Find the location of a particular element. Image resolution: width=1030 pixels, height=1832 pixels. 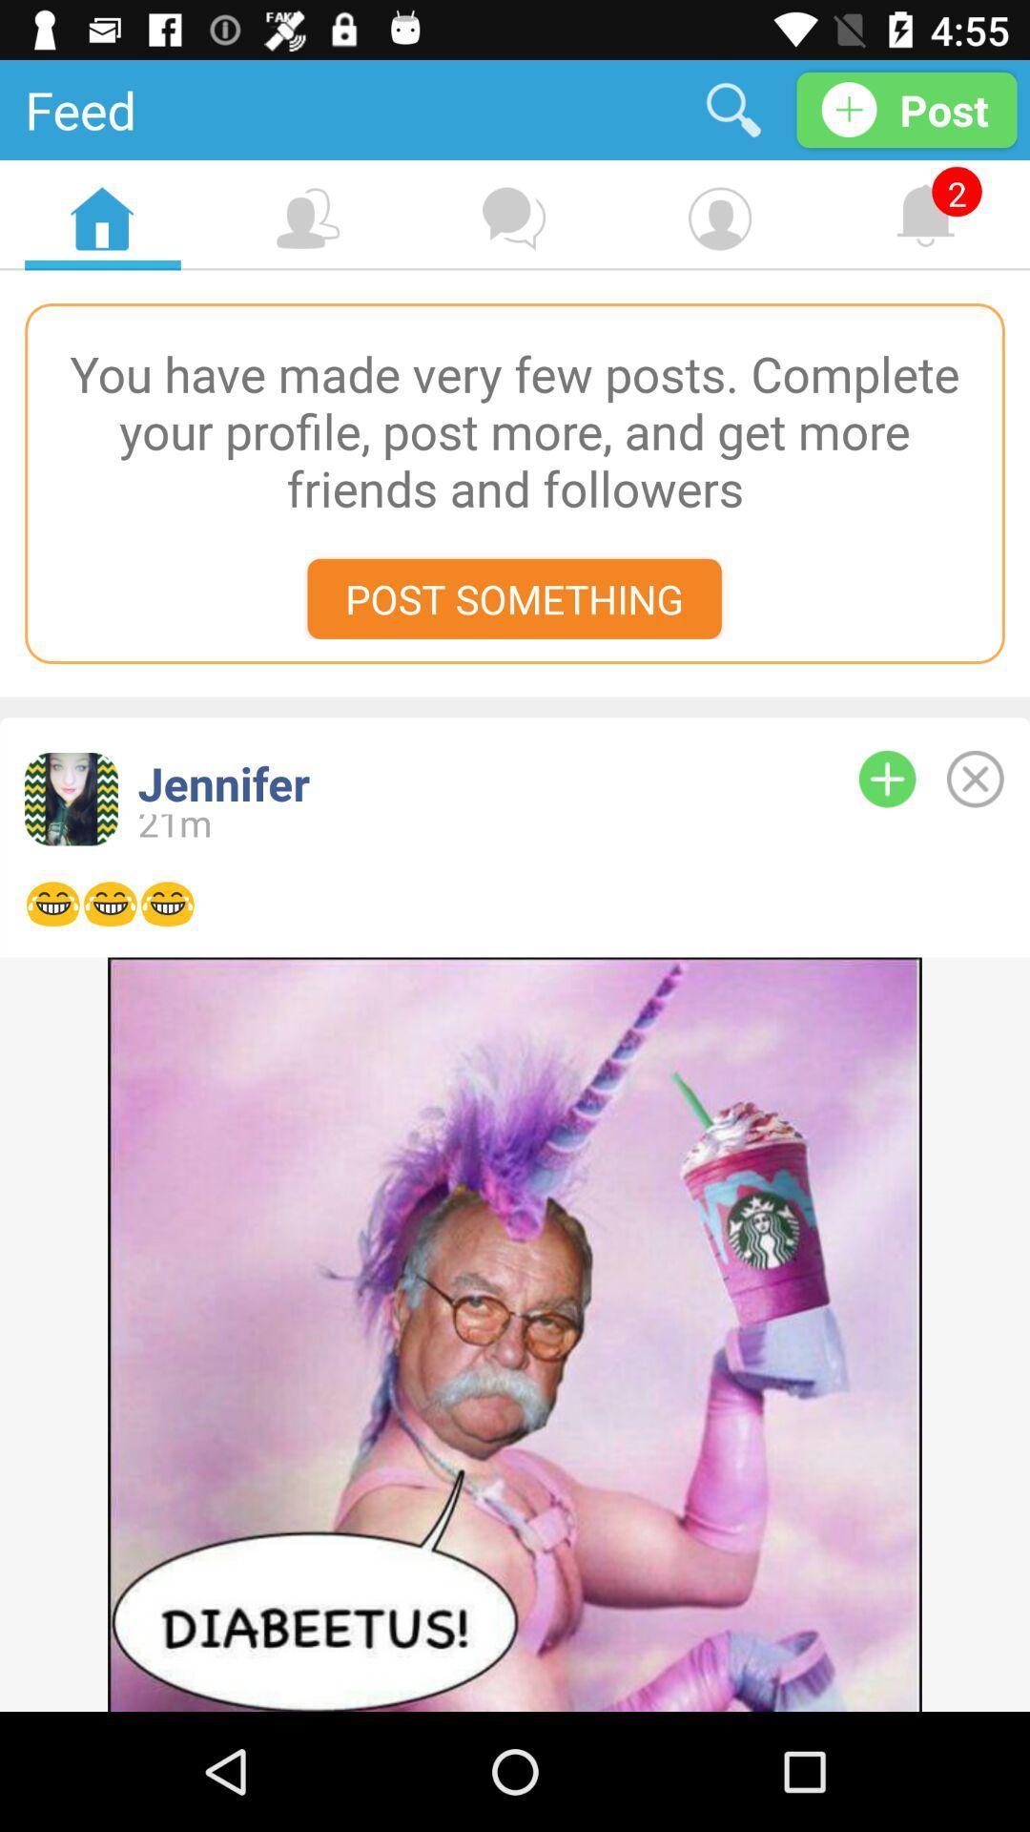

new post is located at coordinates (887, 779).